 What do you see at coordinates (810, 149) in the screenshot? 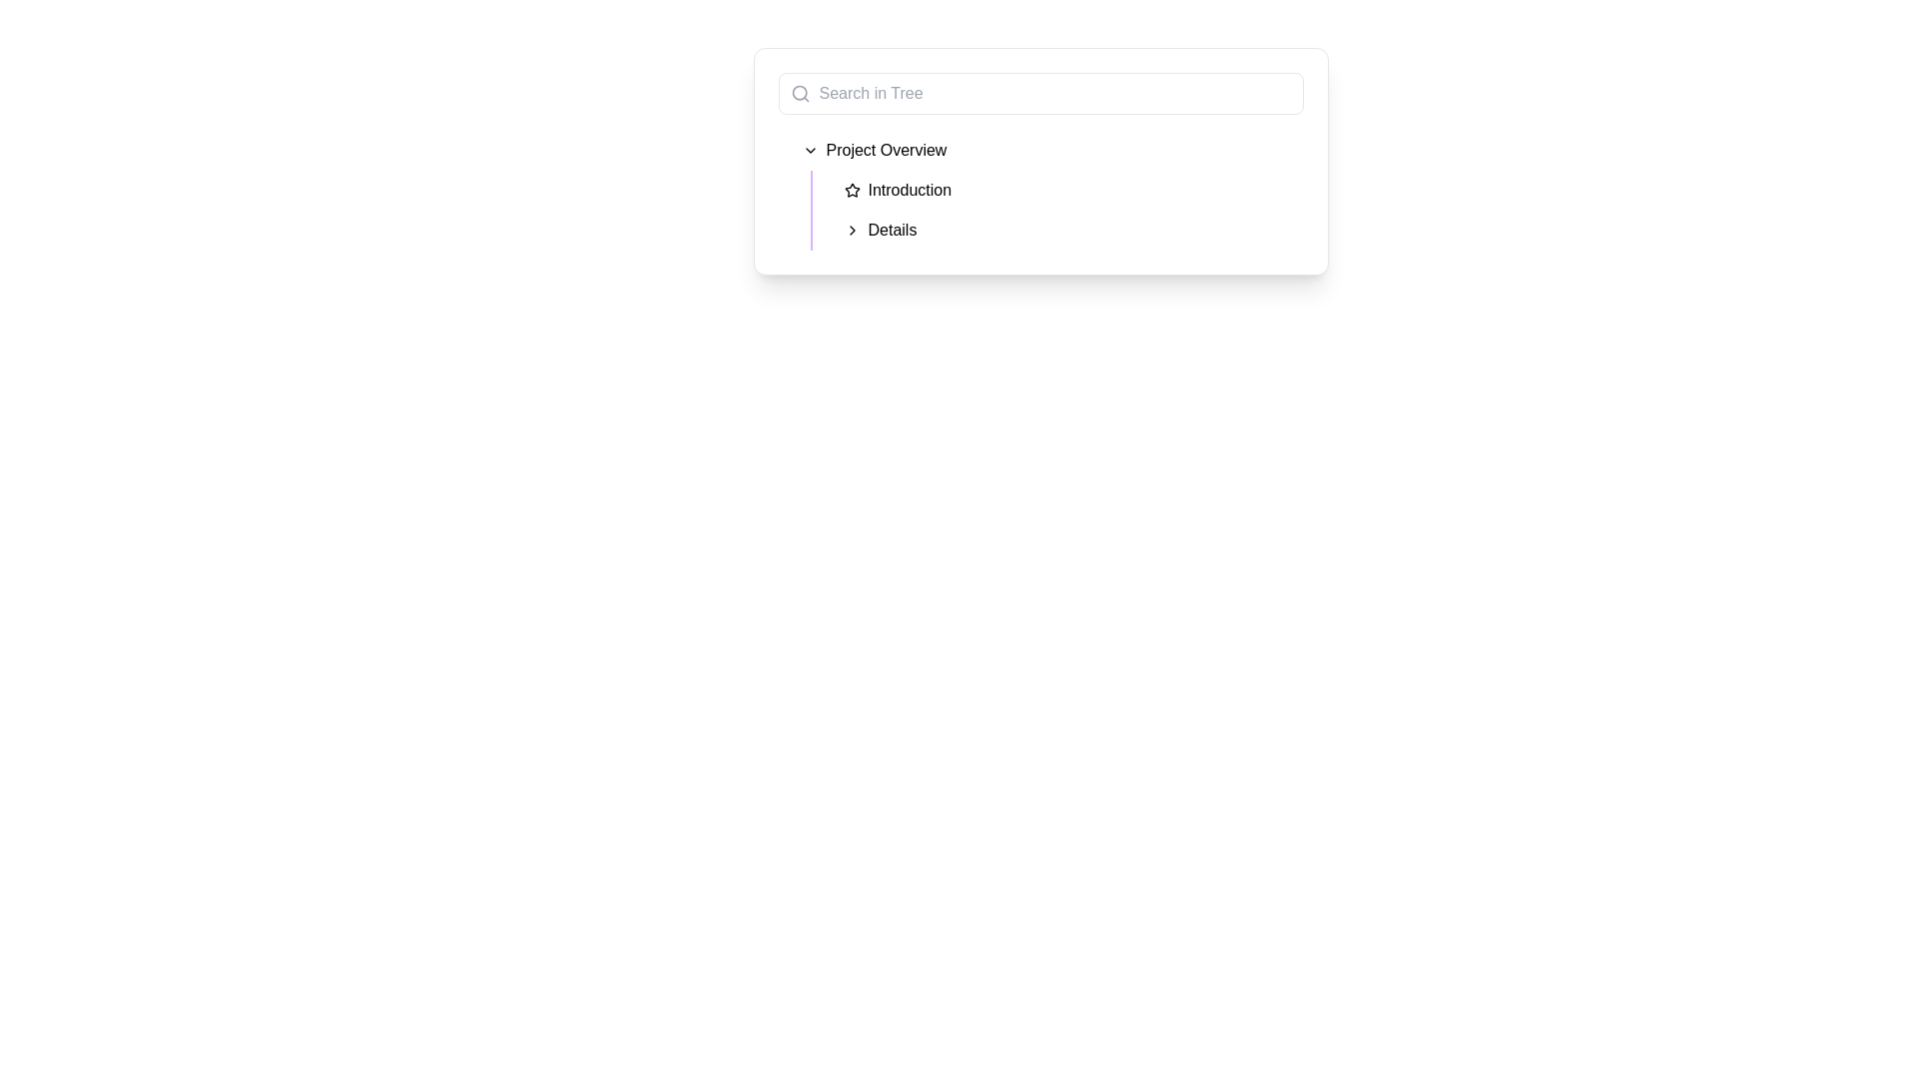
I see `the chevron icon in the 'Project Overview' section` at bounding box center [810, 149].